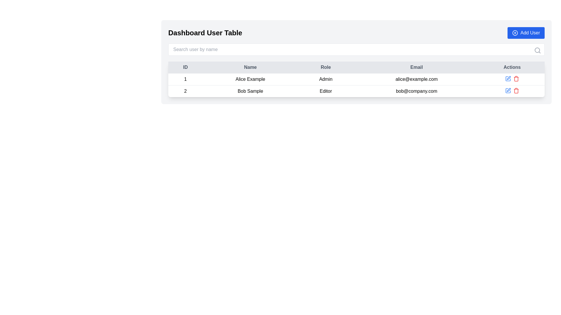 The height and width of the screenshot is (315, 561). Describe the element at coordinates (516, 79) in the screenshot. I see `the middle shape of the trash can icon in the 'Actions' column for the user entry of Bob Sample` at that location.